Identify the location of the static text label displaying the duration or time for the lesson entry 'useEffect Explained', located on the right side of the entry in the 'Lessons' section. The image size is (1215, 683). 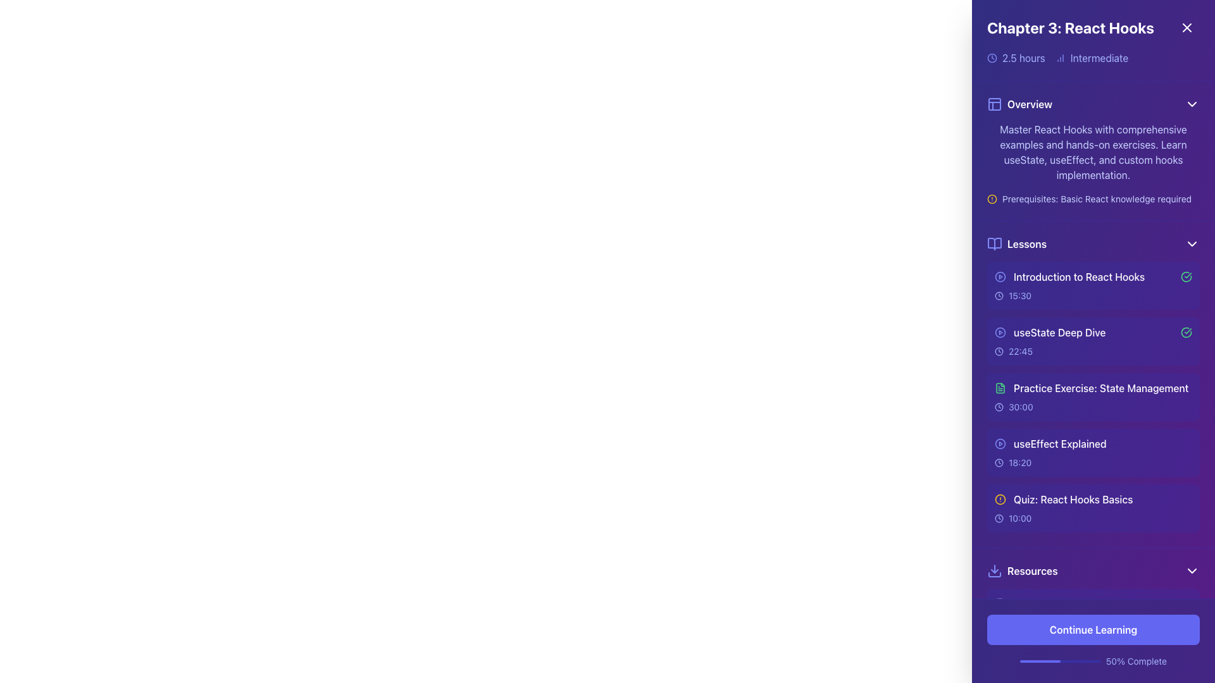
(1020, 463).